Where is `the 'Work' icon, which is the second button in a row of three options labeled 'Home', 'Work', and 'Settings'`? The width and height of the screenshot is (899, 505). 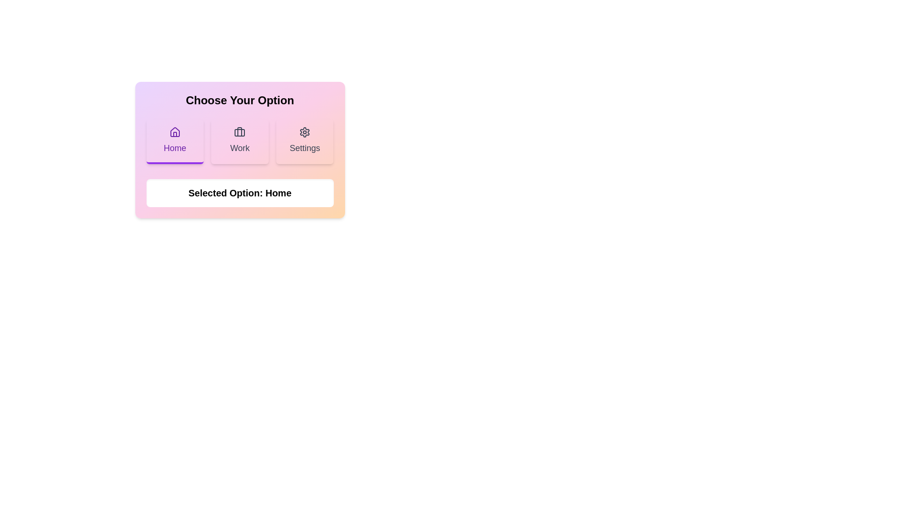 the 'Work' icon, which is the second button in a row of three options labeled 'Home', 'Work', and 'Settings' is located at coordinates (240, 132).